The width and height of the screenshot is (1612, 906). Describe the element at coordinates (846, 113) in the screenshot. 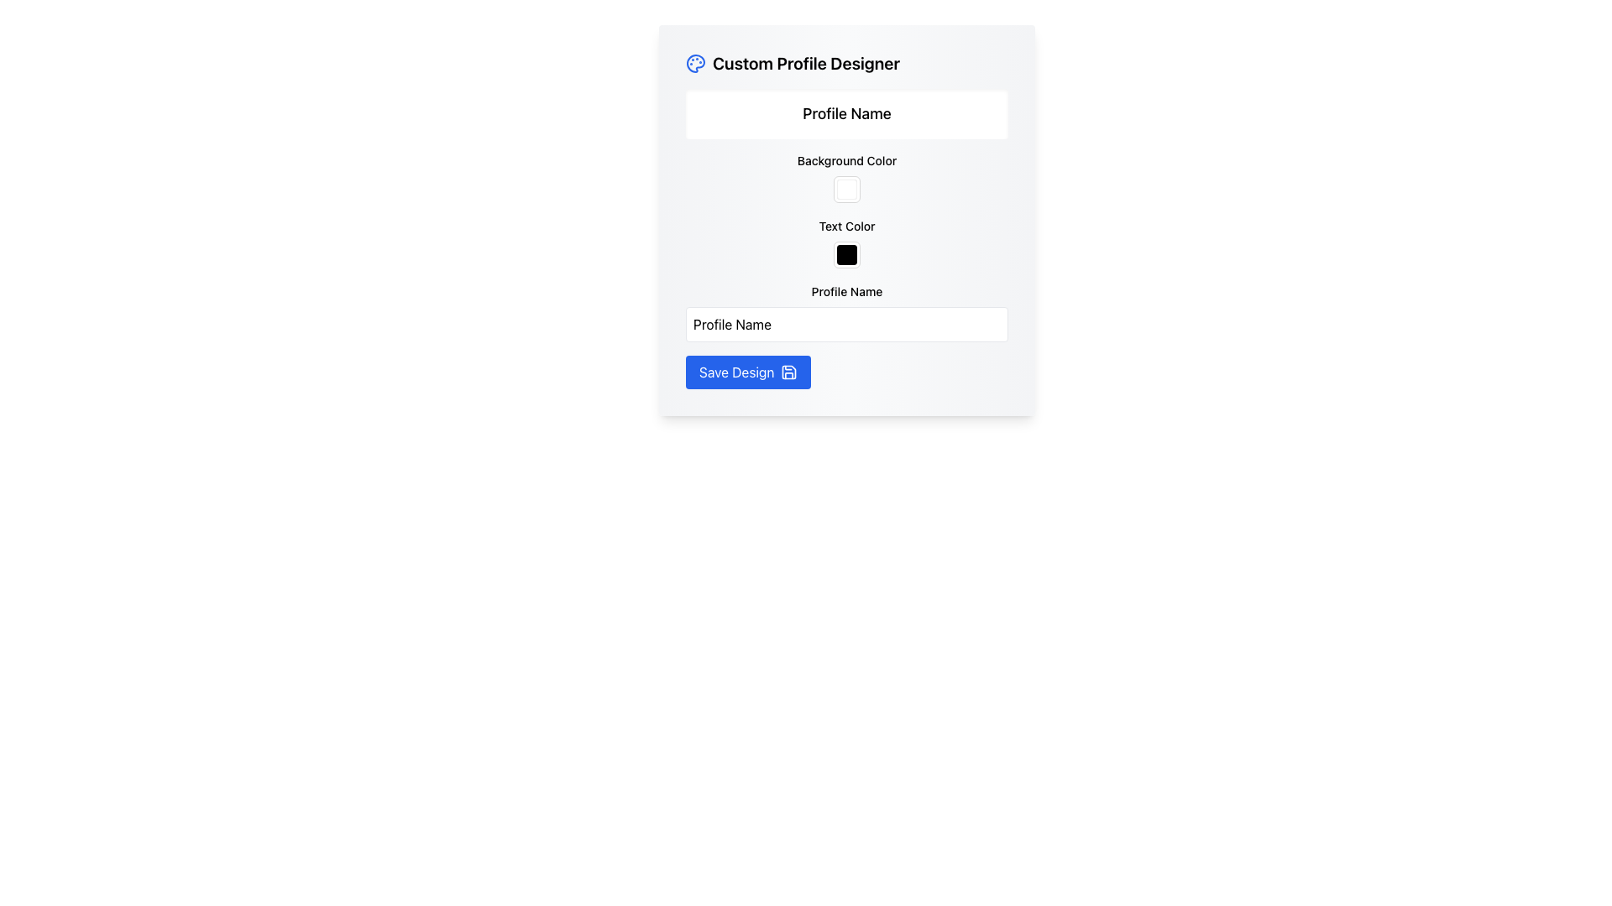

I see `the Static Label displaying the default profile name in the Custom Profile Designer section, located directly below the title and above the Background Color and Text Color settings` at that location.